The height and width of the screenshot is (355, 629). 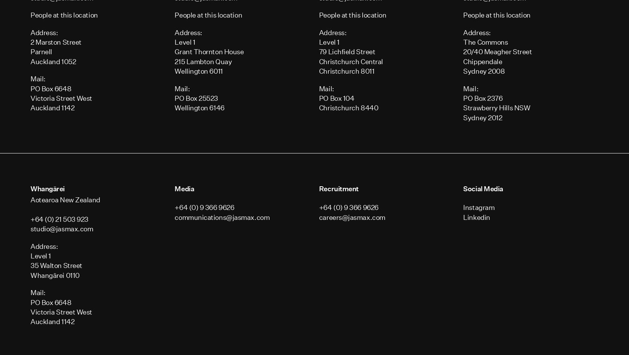 What do you see at coordinates (347, 52) in the screenshot?
I see `'79 Lichfield Street'` at bounding box center [347, 52].